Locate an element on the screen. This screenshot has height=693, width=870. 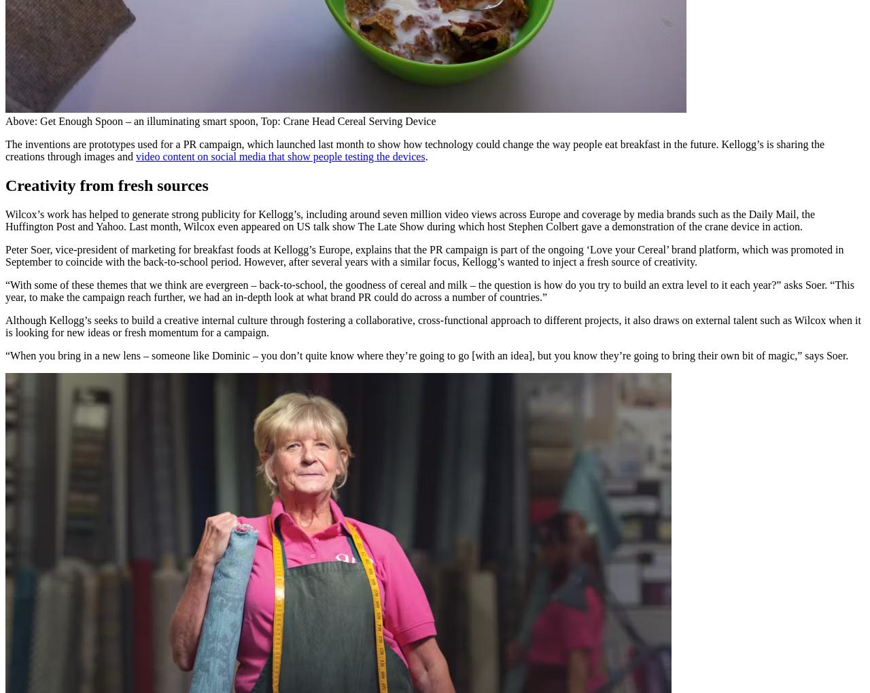
'The inventions are prototypes used for a PR campaign, which launched last month to show how technology could change the way people eat breakfast in the future. Kellogg’s is sharing the creations through images and' is located at coordinates (414, 149).